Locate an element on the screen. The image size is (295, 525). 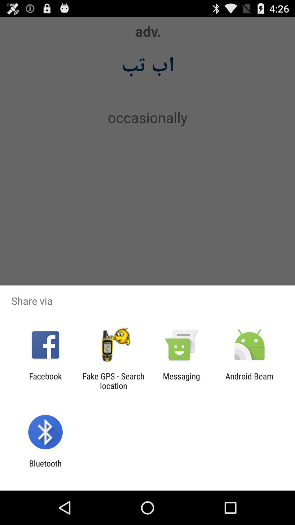
the app to the right of facebook icon is located at coordinates (113, 381).